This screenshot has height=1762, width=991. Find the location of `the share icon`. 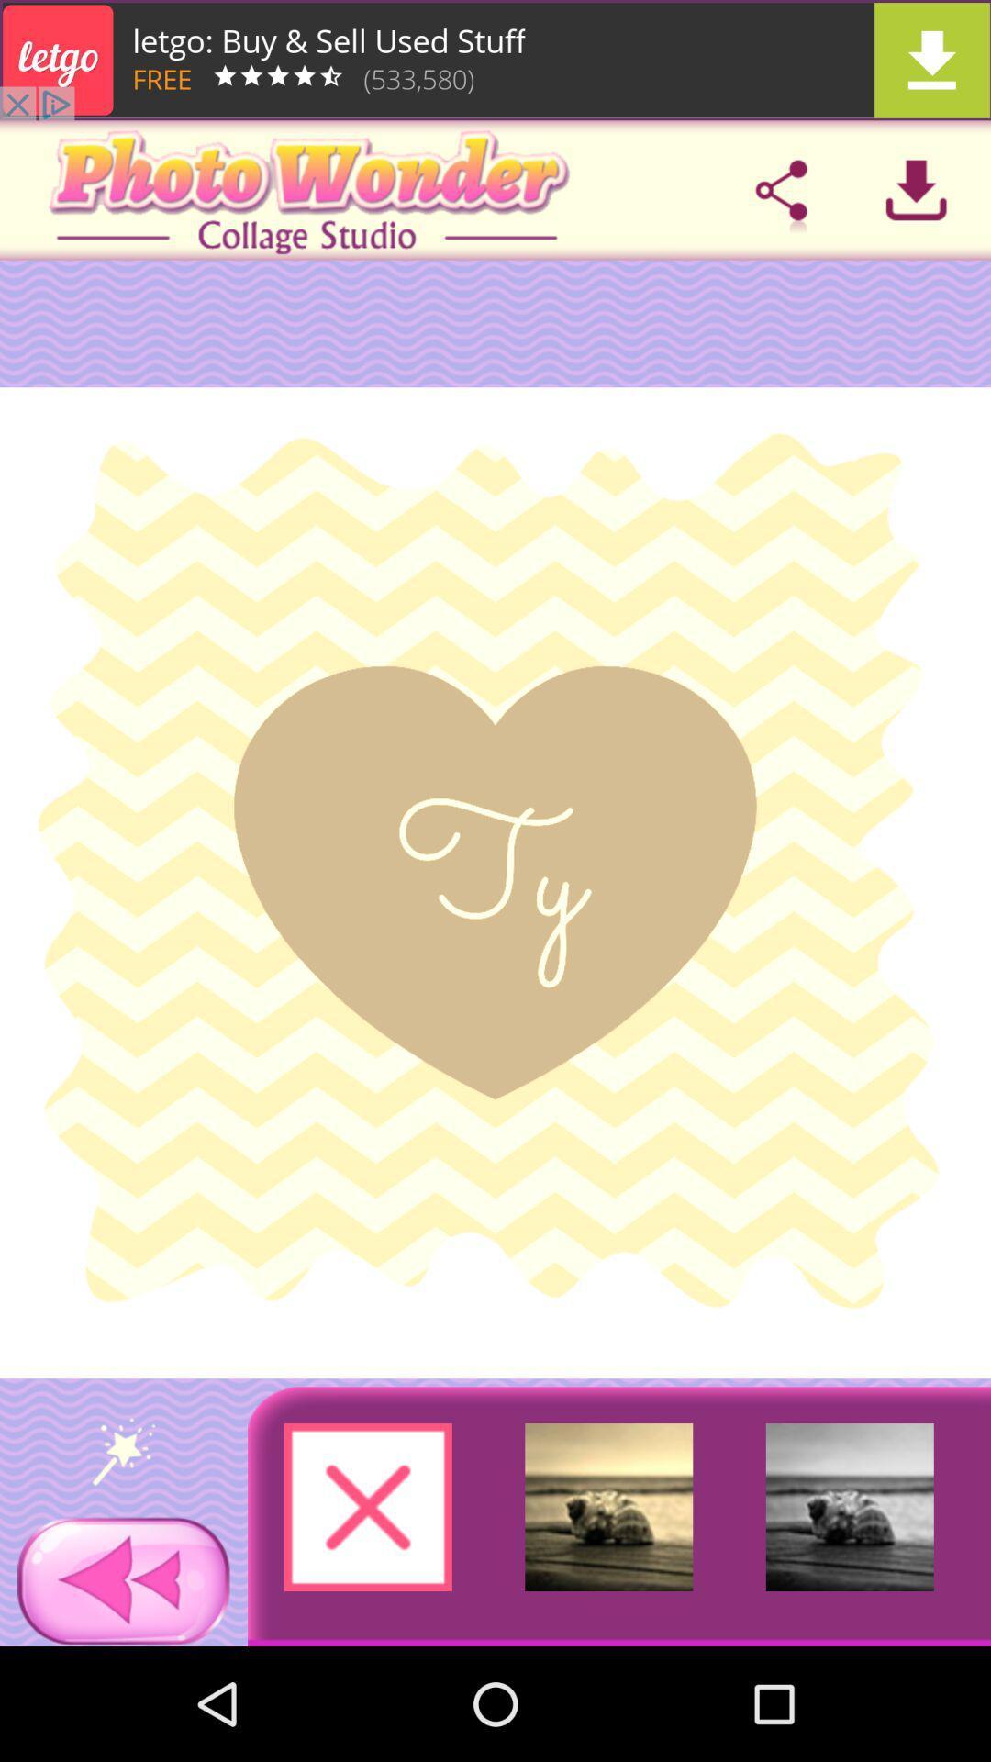

the share icon is located at coordinates (781, 190).